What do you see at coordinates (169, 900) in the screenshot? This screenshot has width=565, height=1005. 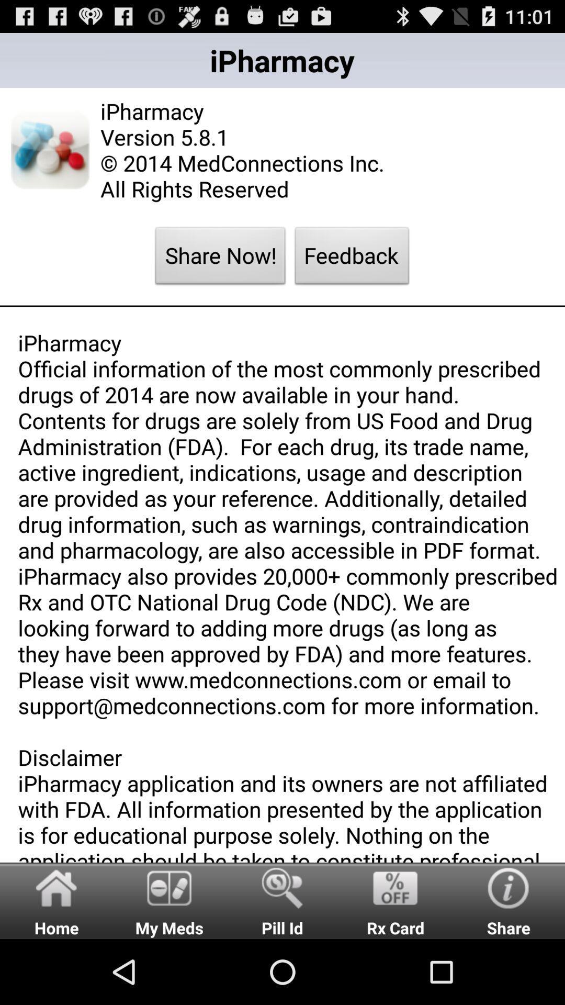 I see `my meds icon` at bounding box center [169, 900].